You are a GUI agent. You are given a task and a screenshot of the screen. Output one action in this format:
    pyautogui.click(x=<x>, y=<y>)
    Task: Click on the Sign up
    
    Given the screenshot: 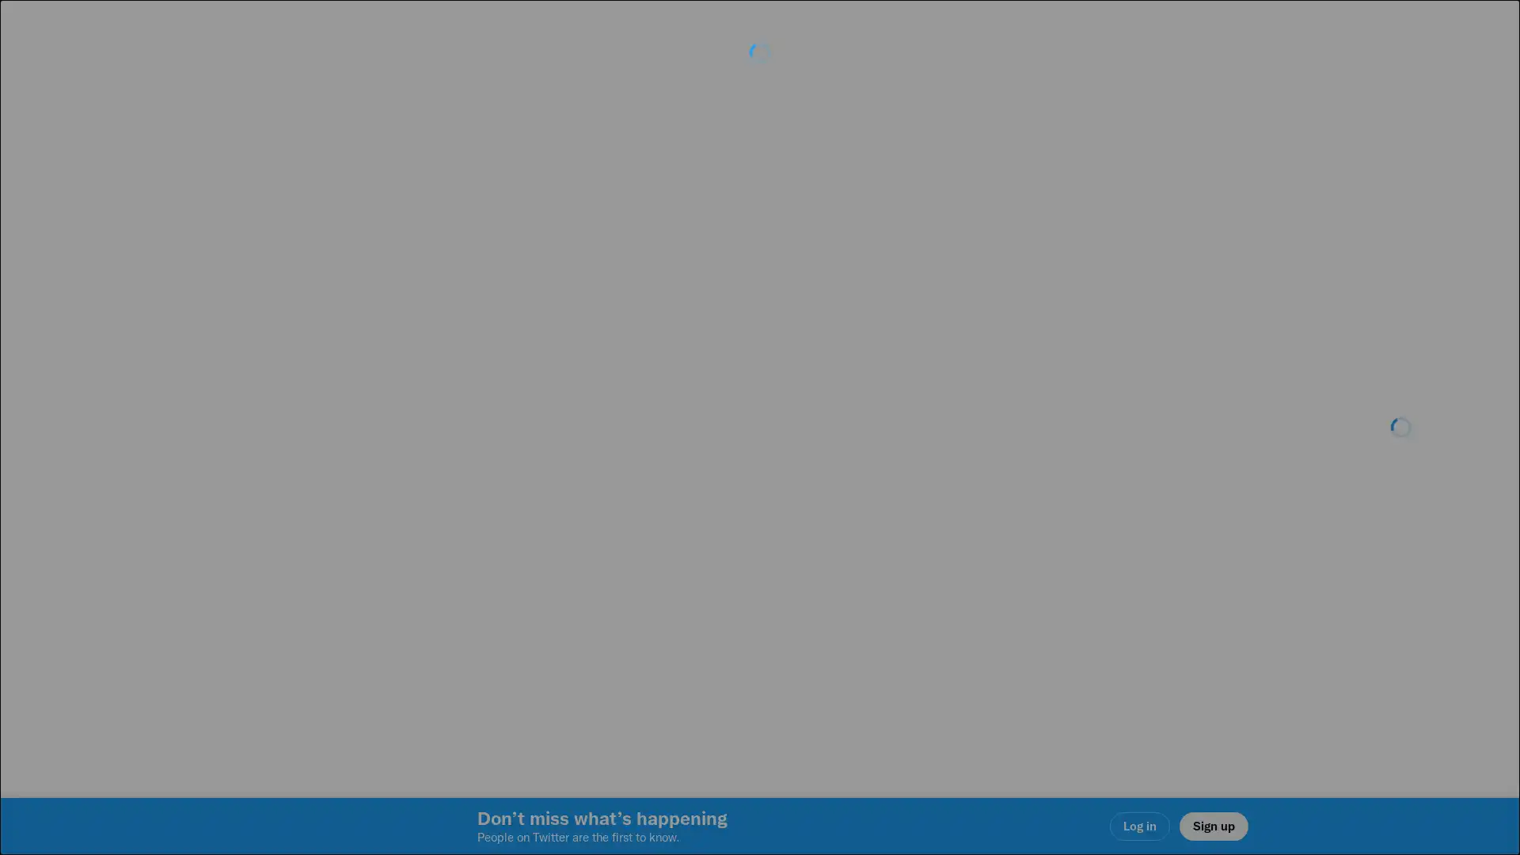 What is the action you would take?
    pyautogui.click(x=572, y=539)
    